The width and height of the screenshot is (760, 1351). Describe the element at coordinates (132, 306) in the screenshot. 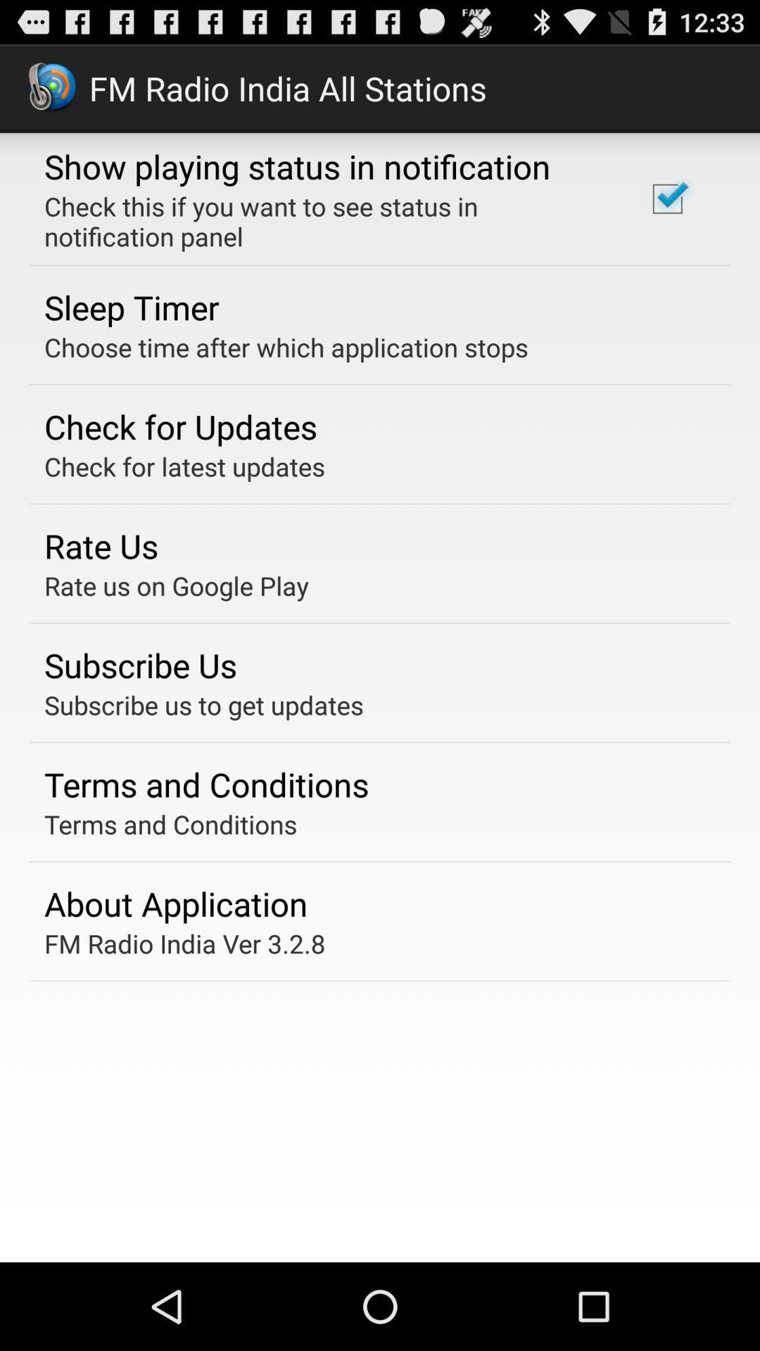

I see `sleep timer` at that location.